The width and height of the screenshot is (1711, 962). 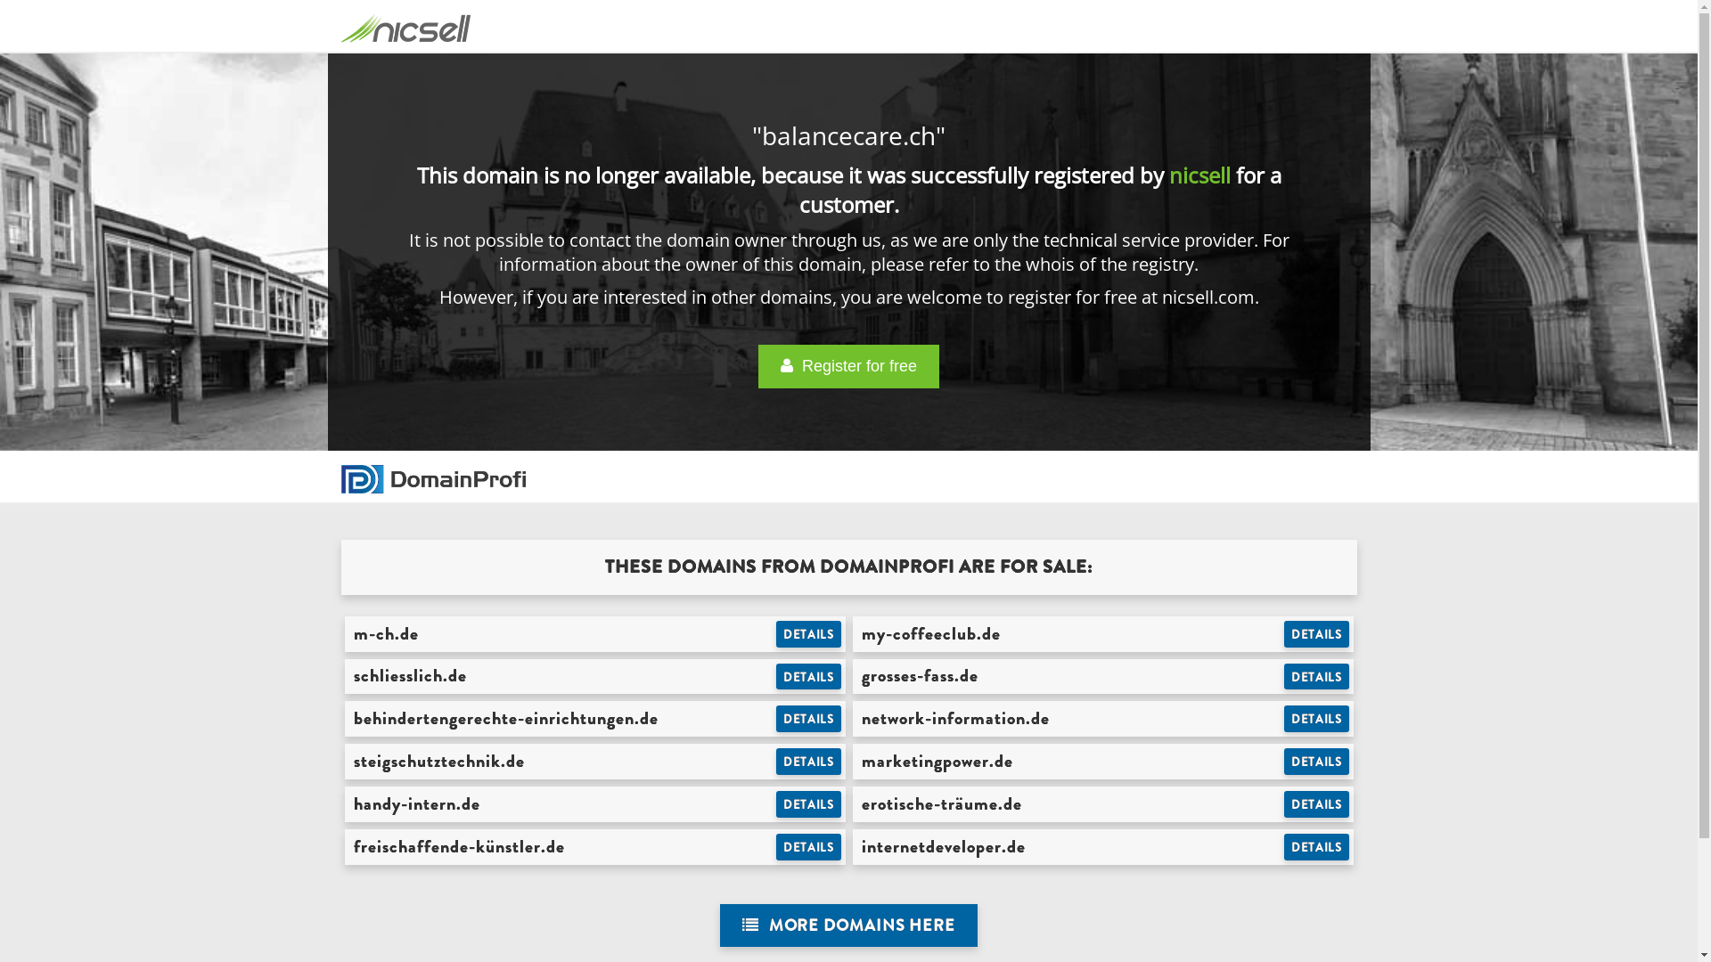 What do you see at coordinates (1316, 846) in the screenshot?
I see `'DETAILS'` at bounding box center [1316, 846].